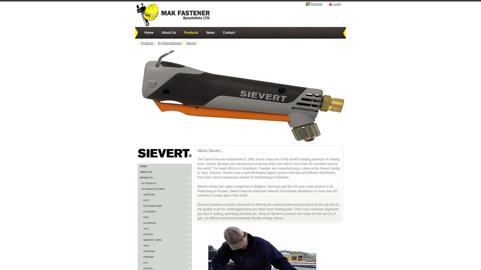 The width and height of the screenshot is (481, 270). I want to click on 'GSSI', so click(146, 217).